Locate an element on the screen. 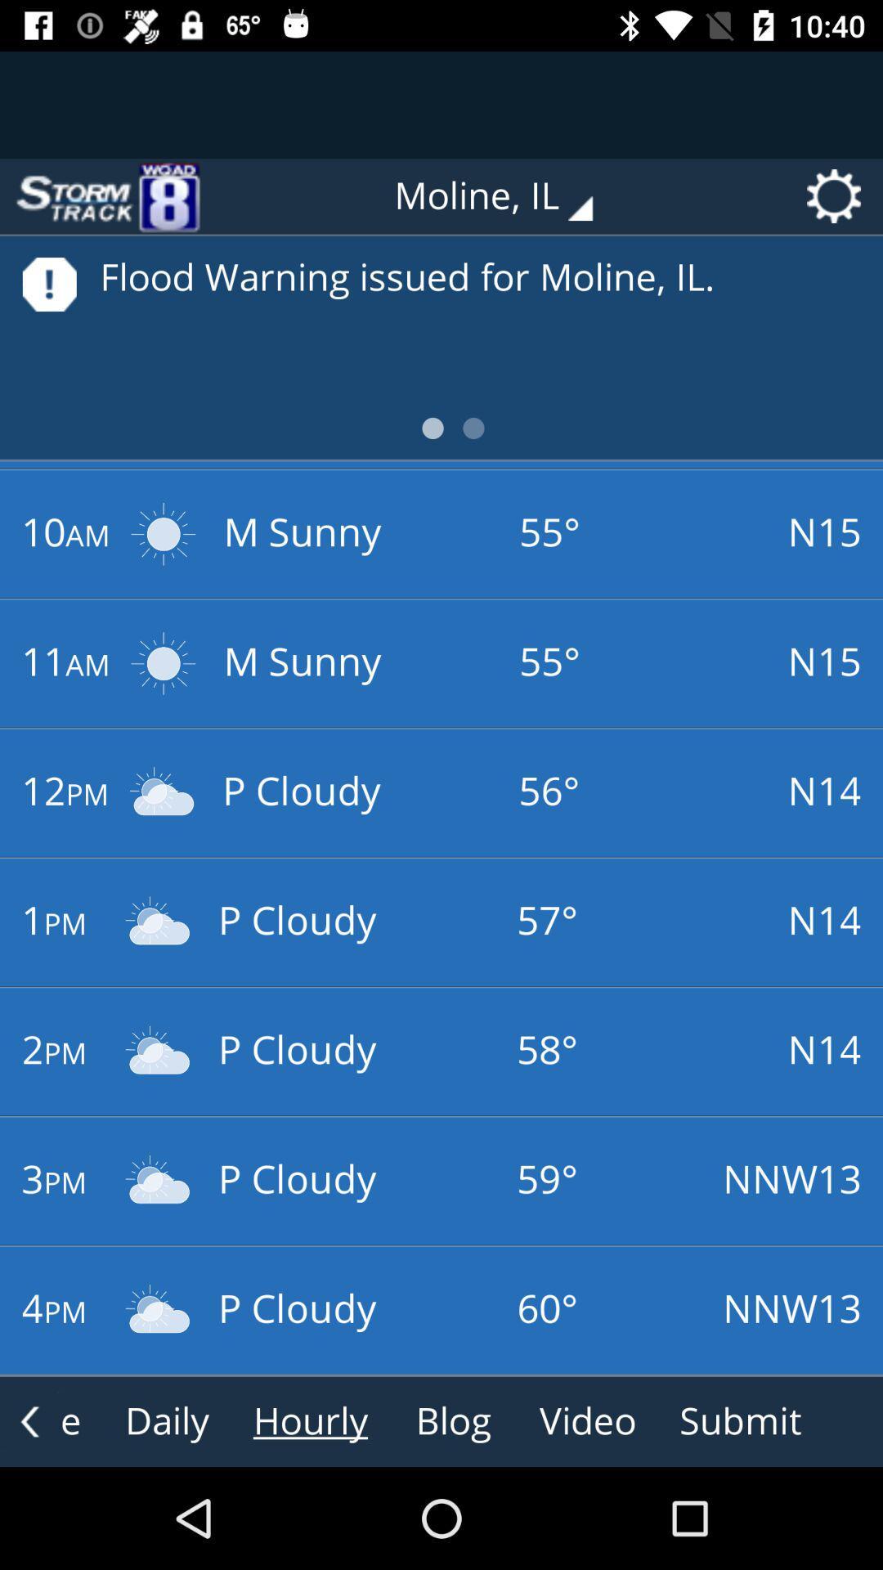 This screenshot has width=883, height=1570. the item next to moline, il is located at coordinates (107, 196).